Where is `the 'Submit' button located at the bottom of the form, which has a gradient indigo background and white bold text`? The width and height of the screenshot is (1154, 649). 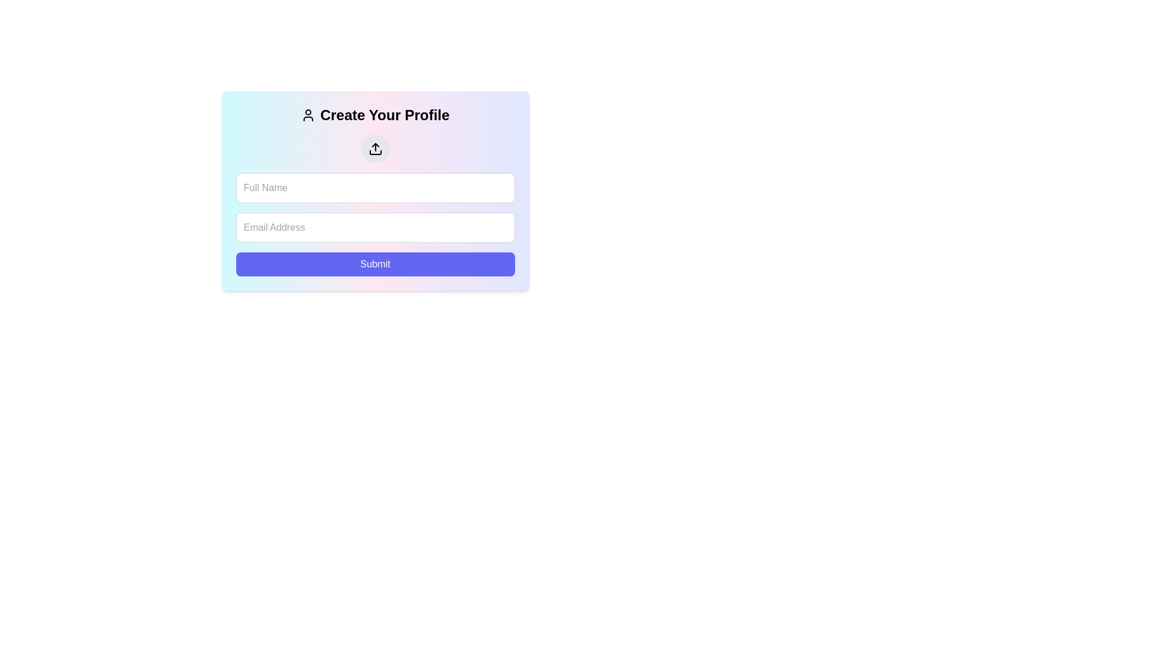
the 'Submit' button located at the bottom of the form, which has a gradient indigo background and white bold text is located at coordinates (374, 263).